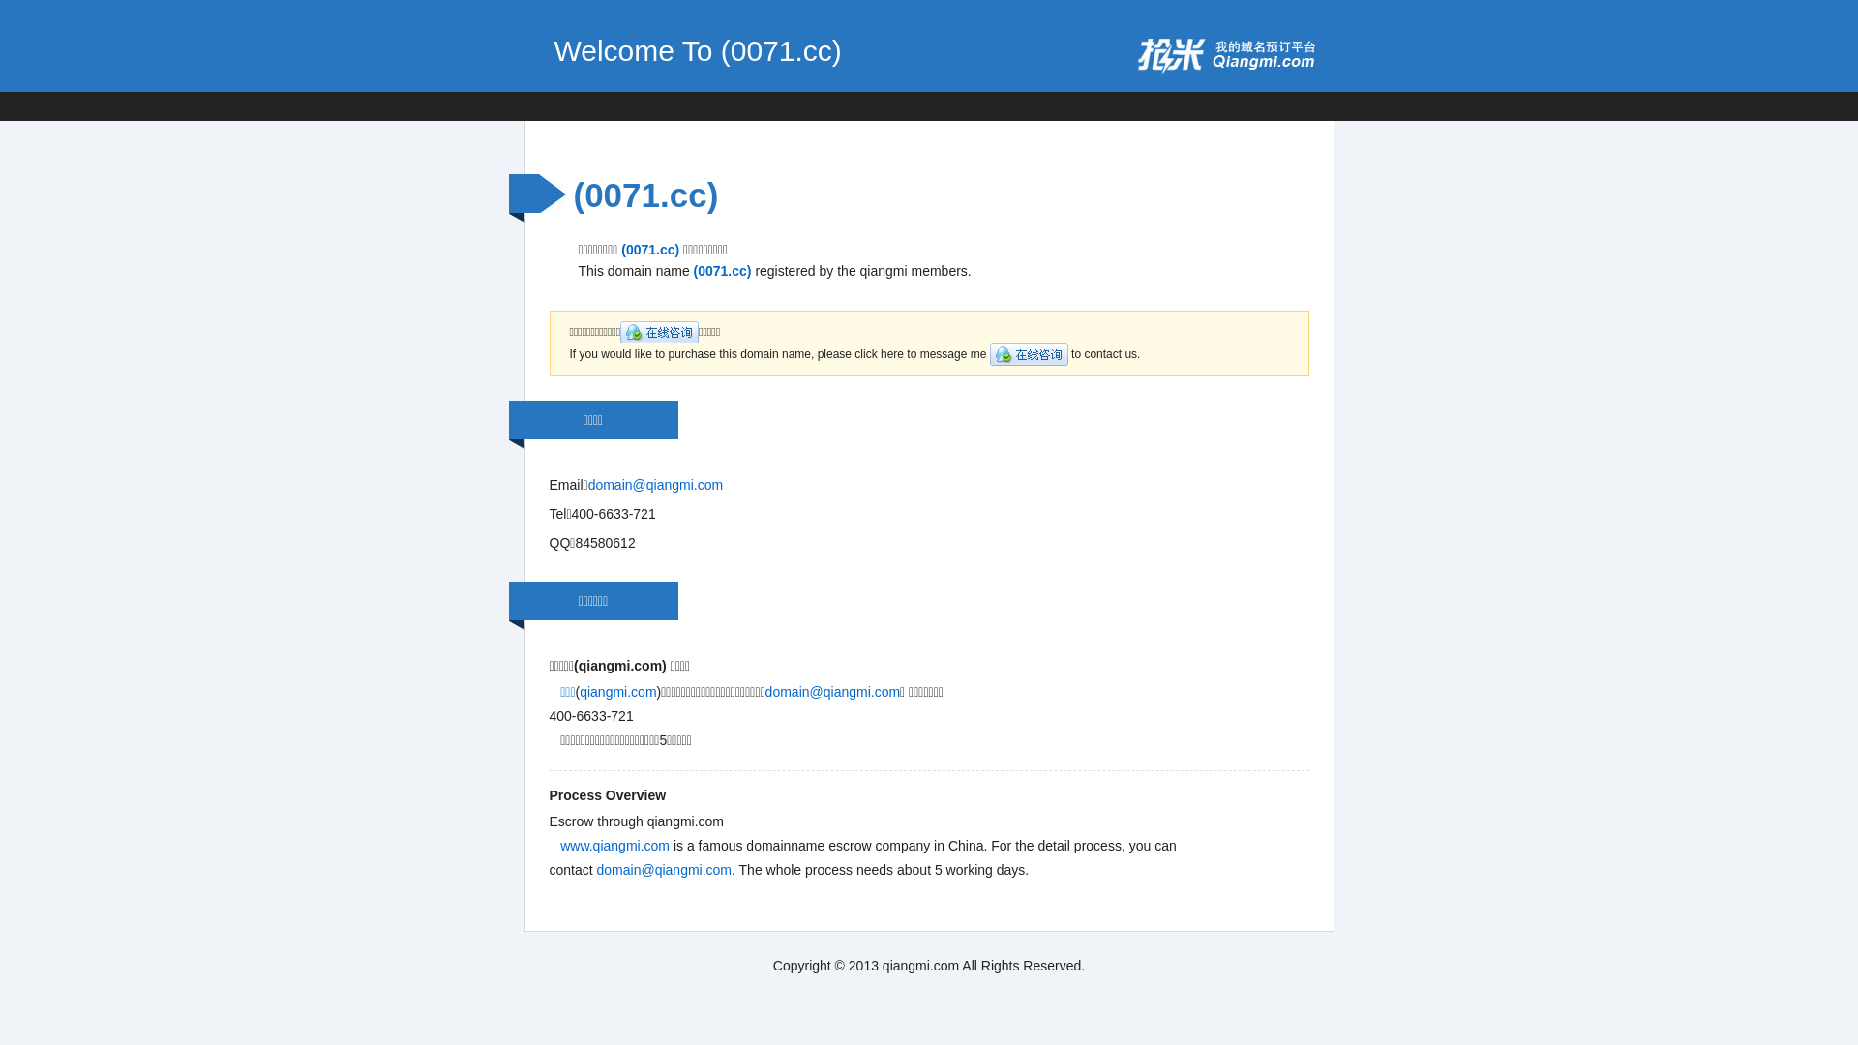  What do you see at coordinates (664, 868) in the screenshot?
I see `'domain@qiangmi.com'` at bounding box center [664, 868].